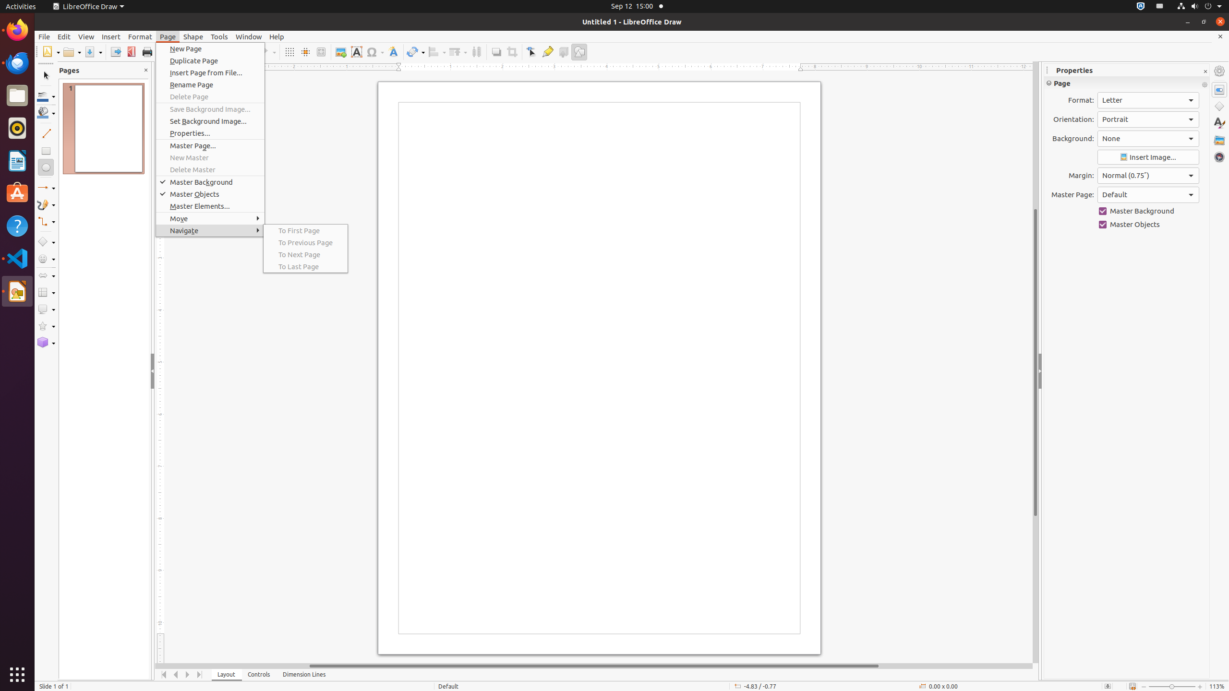 Image resolution: width=1229 pixels, height=691 pixels. Describe the element at coordinates (88, 6) in the screenshot. I see `'LibreOffice Draw'` at that location.